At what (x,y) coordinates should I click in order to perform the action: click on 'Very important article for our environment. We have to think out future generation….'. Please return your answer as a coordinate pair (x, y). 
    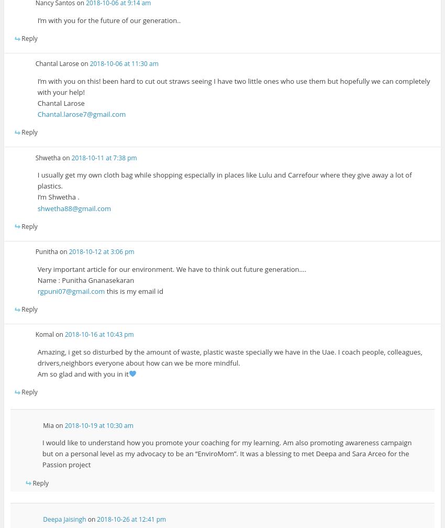
    Looking at the image, I should click on (172, 268).